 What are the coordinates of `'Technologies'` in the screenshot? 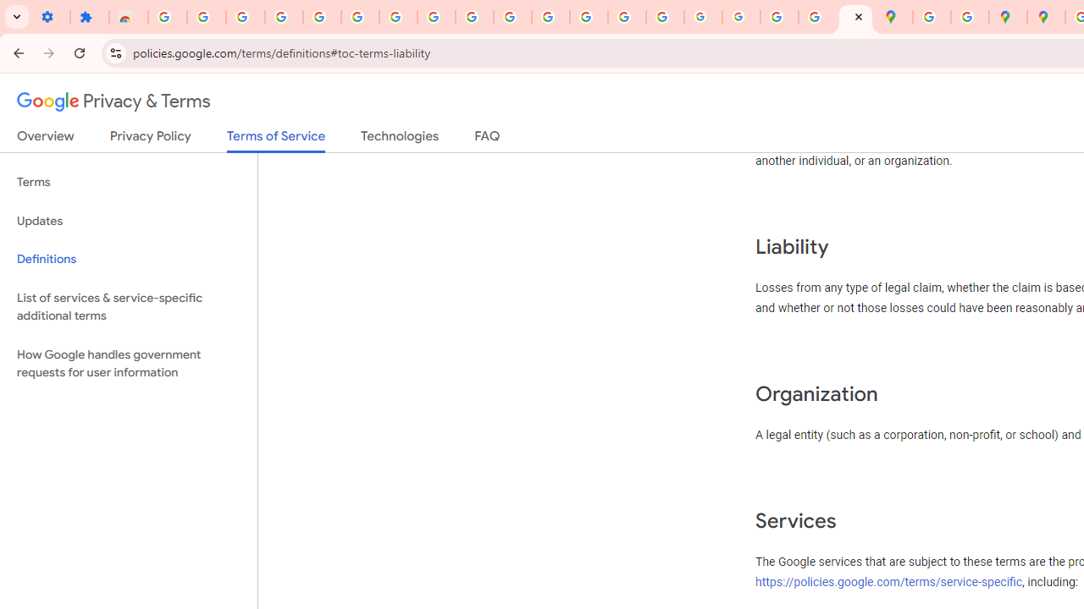 It's located at (399, 139).